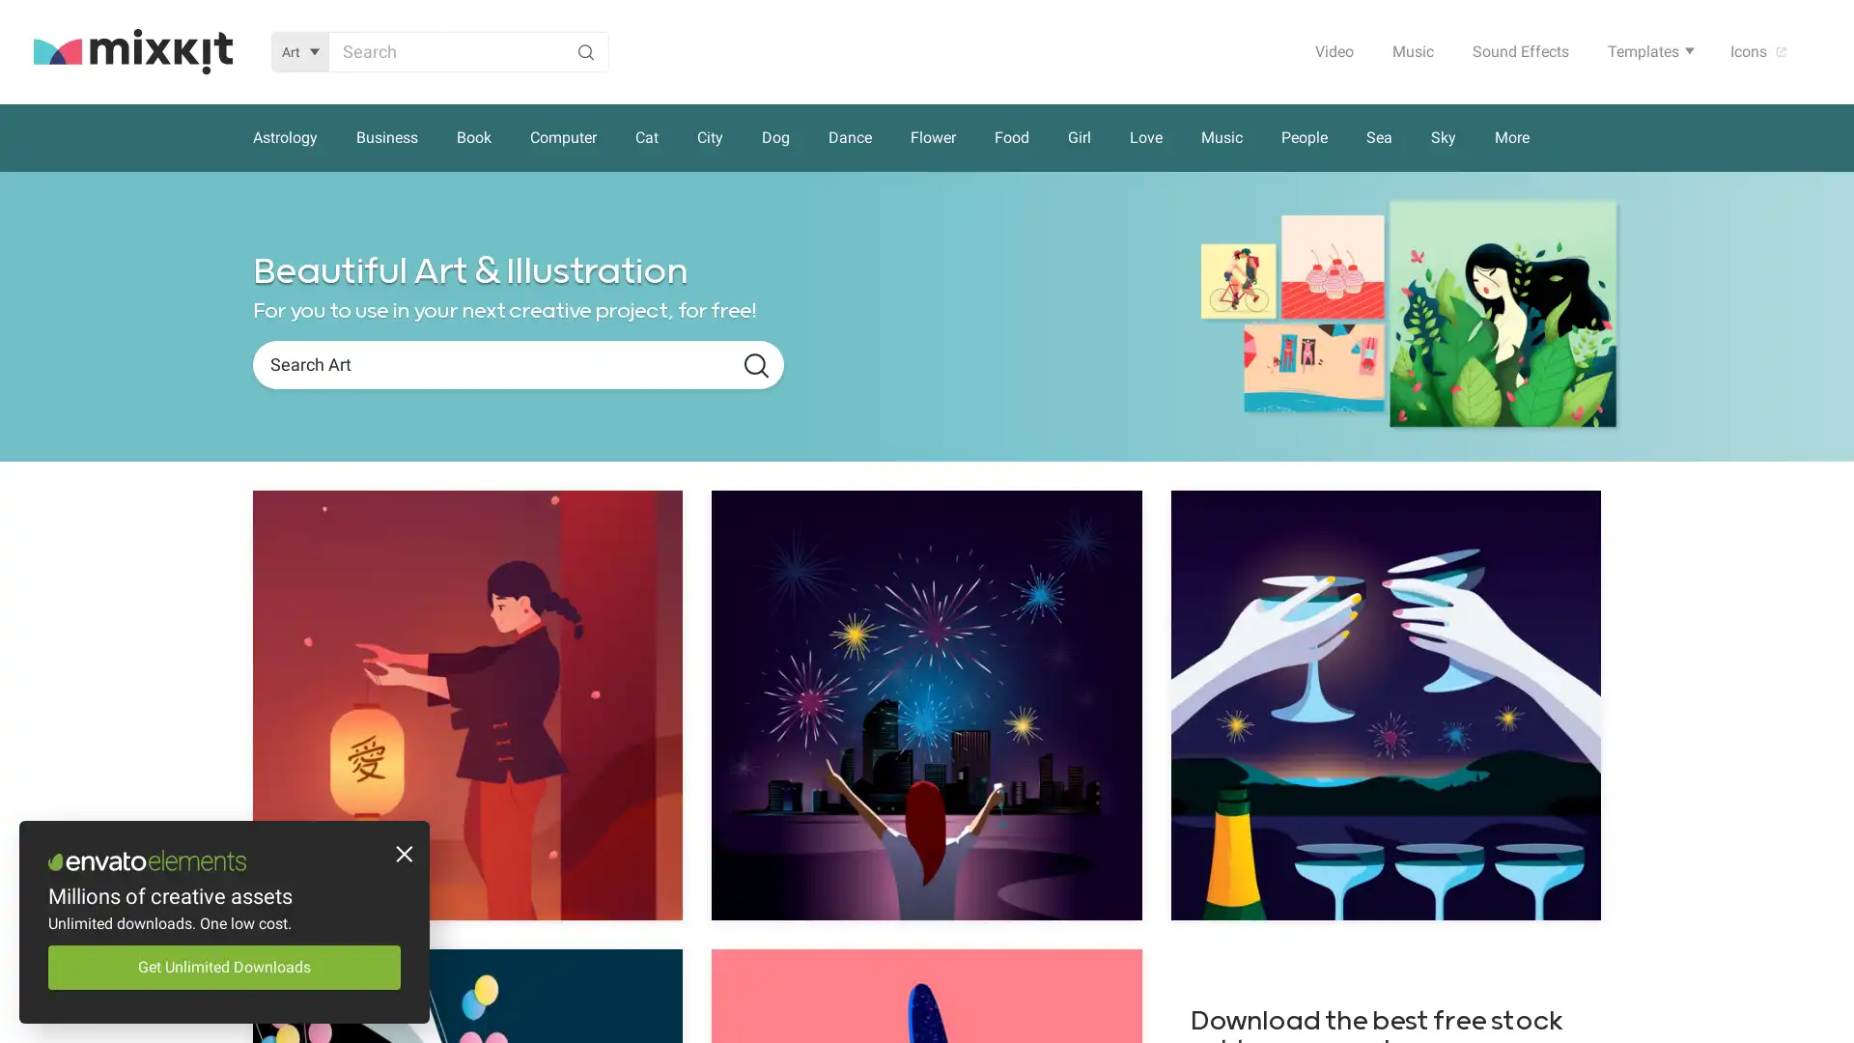  Describe the element at coordinates (401, 856) in the screenshot. I see `Close` at that location.